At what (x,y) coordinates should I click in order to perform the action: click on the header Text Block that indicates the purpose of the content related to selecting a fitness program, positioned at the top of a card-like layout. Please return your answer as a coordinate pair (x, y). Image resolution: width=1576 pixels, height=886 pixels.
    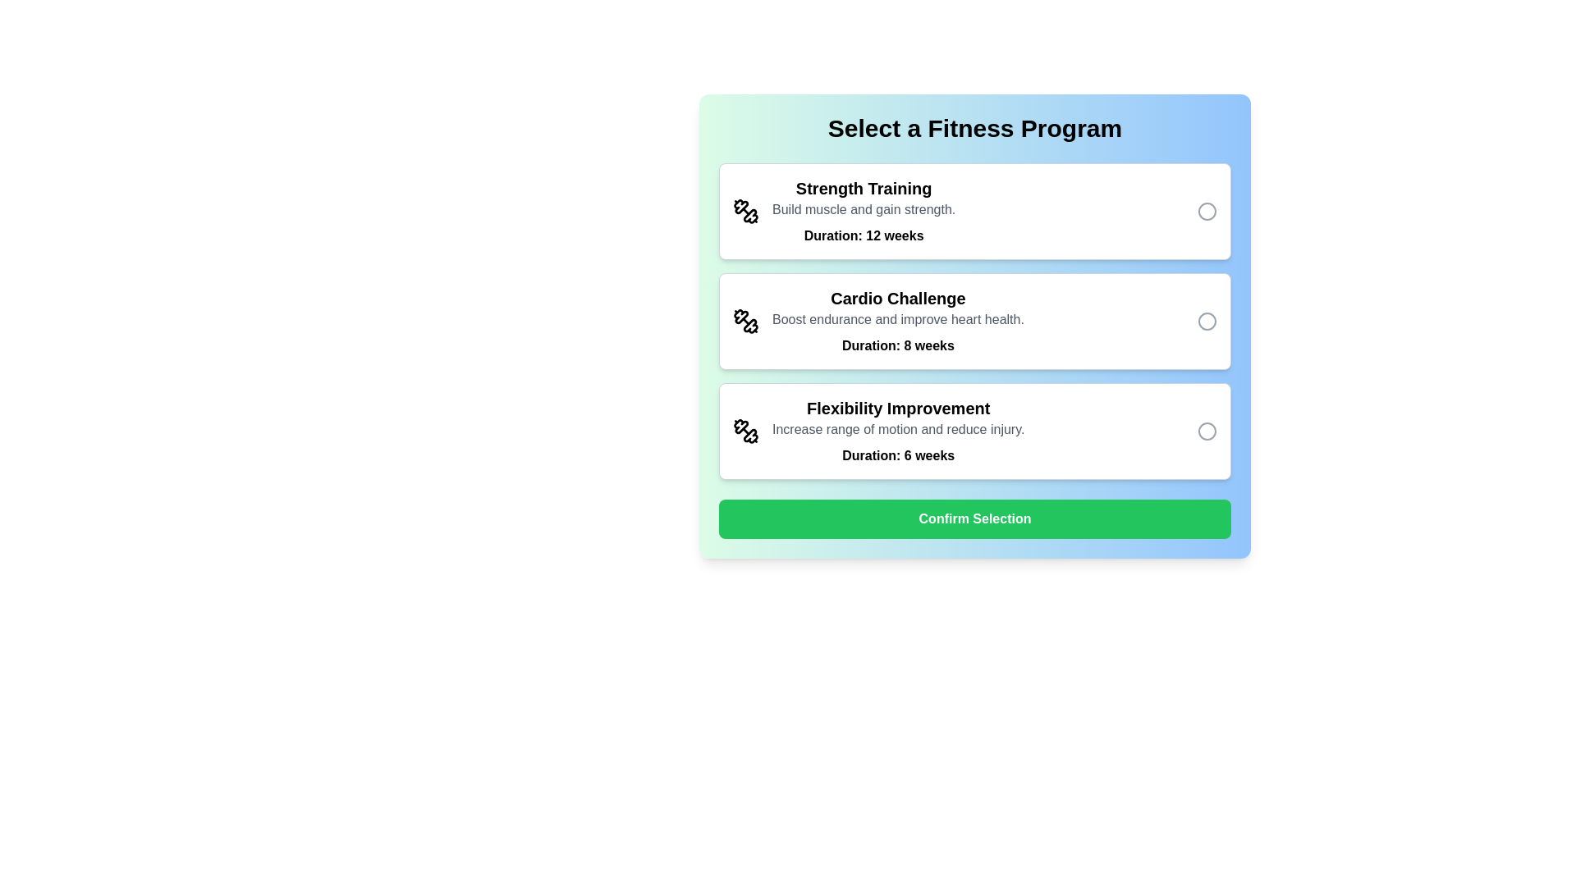
    Looking at the image, I should click on (975, 128).